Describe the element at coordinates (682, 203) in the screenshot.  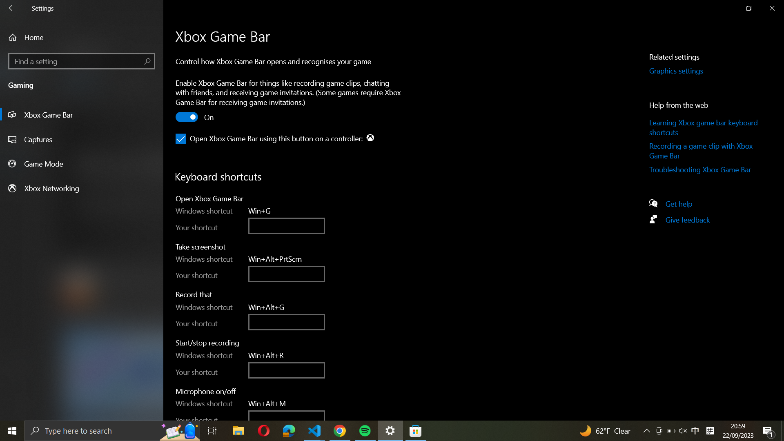
I see `the Assistance page` at that location.